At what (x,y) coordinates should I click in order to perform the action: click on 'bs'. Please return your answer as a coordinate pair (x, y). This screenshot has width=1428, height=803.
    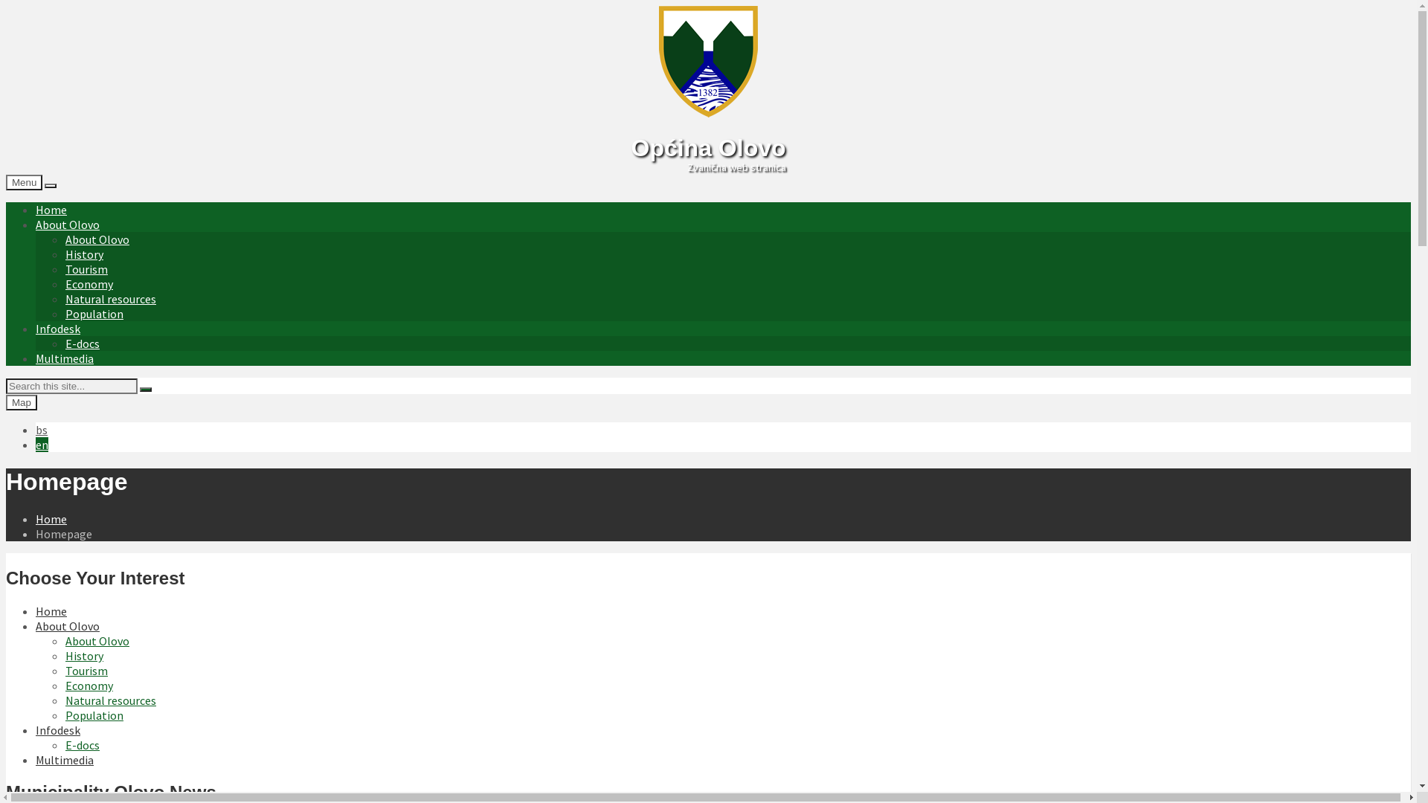
    Looking at the image, I should click on (36, 430).